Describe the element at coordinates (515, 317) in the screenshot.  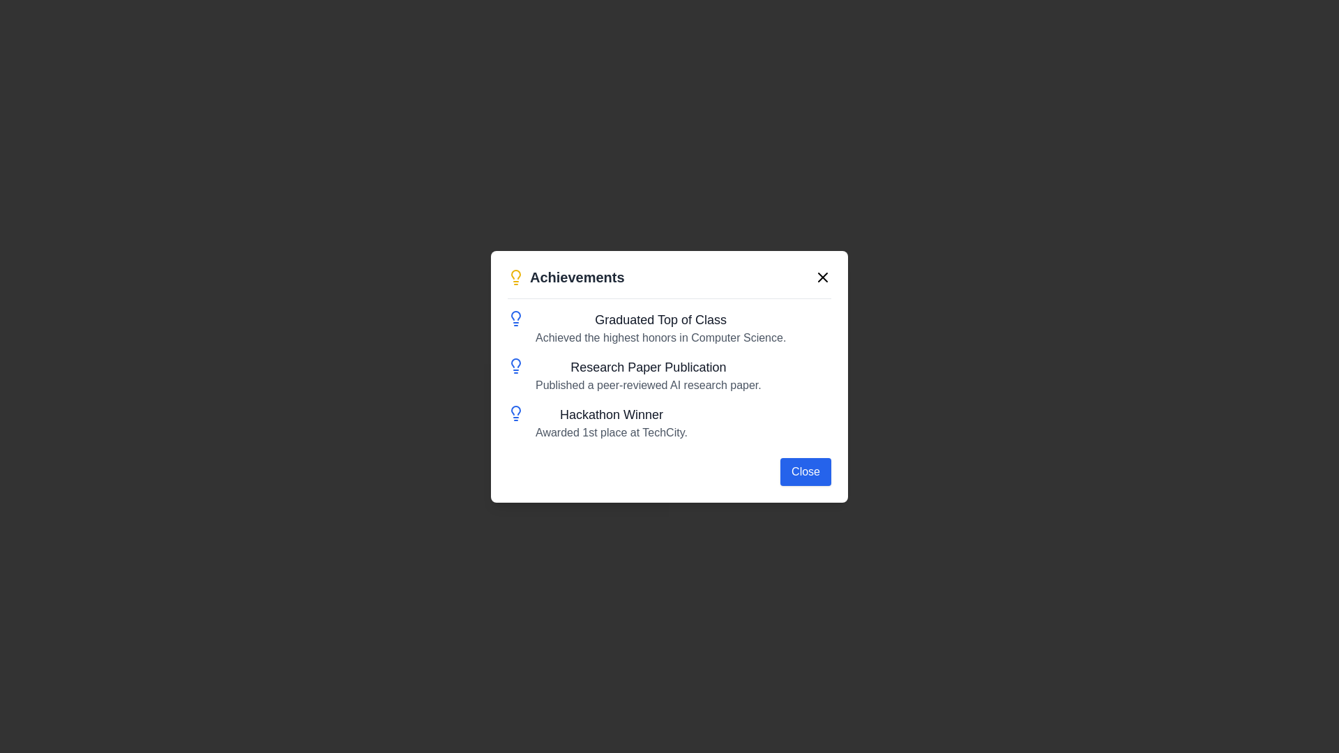
I see `the achievement icon that represents 'Graduated Top of Class' by moving the cursor to its center point` at that location.